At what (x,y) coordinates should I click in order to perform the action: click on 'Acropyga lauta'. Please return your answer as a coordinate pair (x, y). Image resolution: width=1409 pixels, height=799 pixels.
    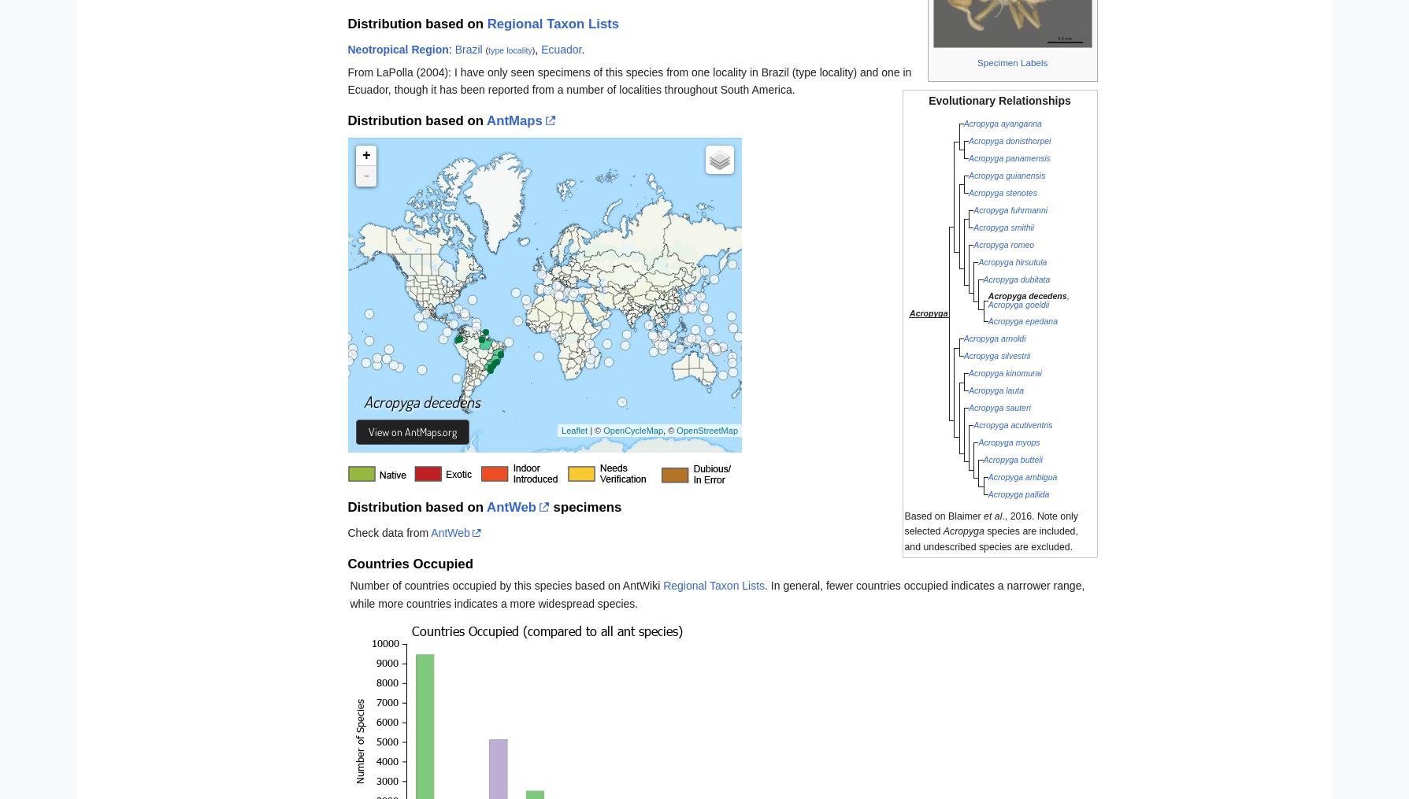
    Looking at the image, I should click on (995, 390).